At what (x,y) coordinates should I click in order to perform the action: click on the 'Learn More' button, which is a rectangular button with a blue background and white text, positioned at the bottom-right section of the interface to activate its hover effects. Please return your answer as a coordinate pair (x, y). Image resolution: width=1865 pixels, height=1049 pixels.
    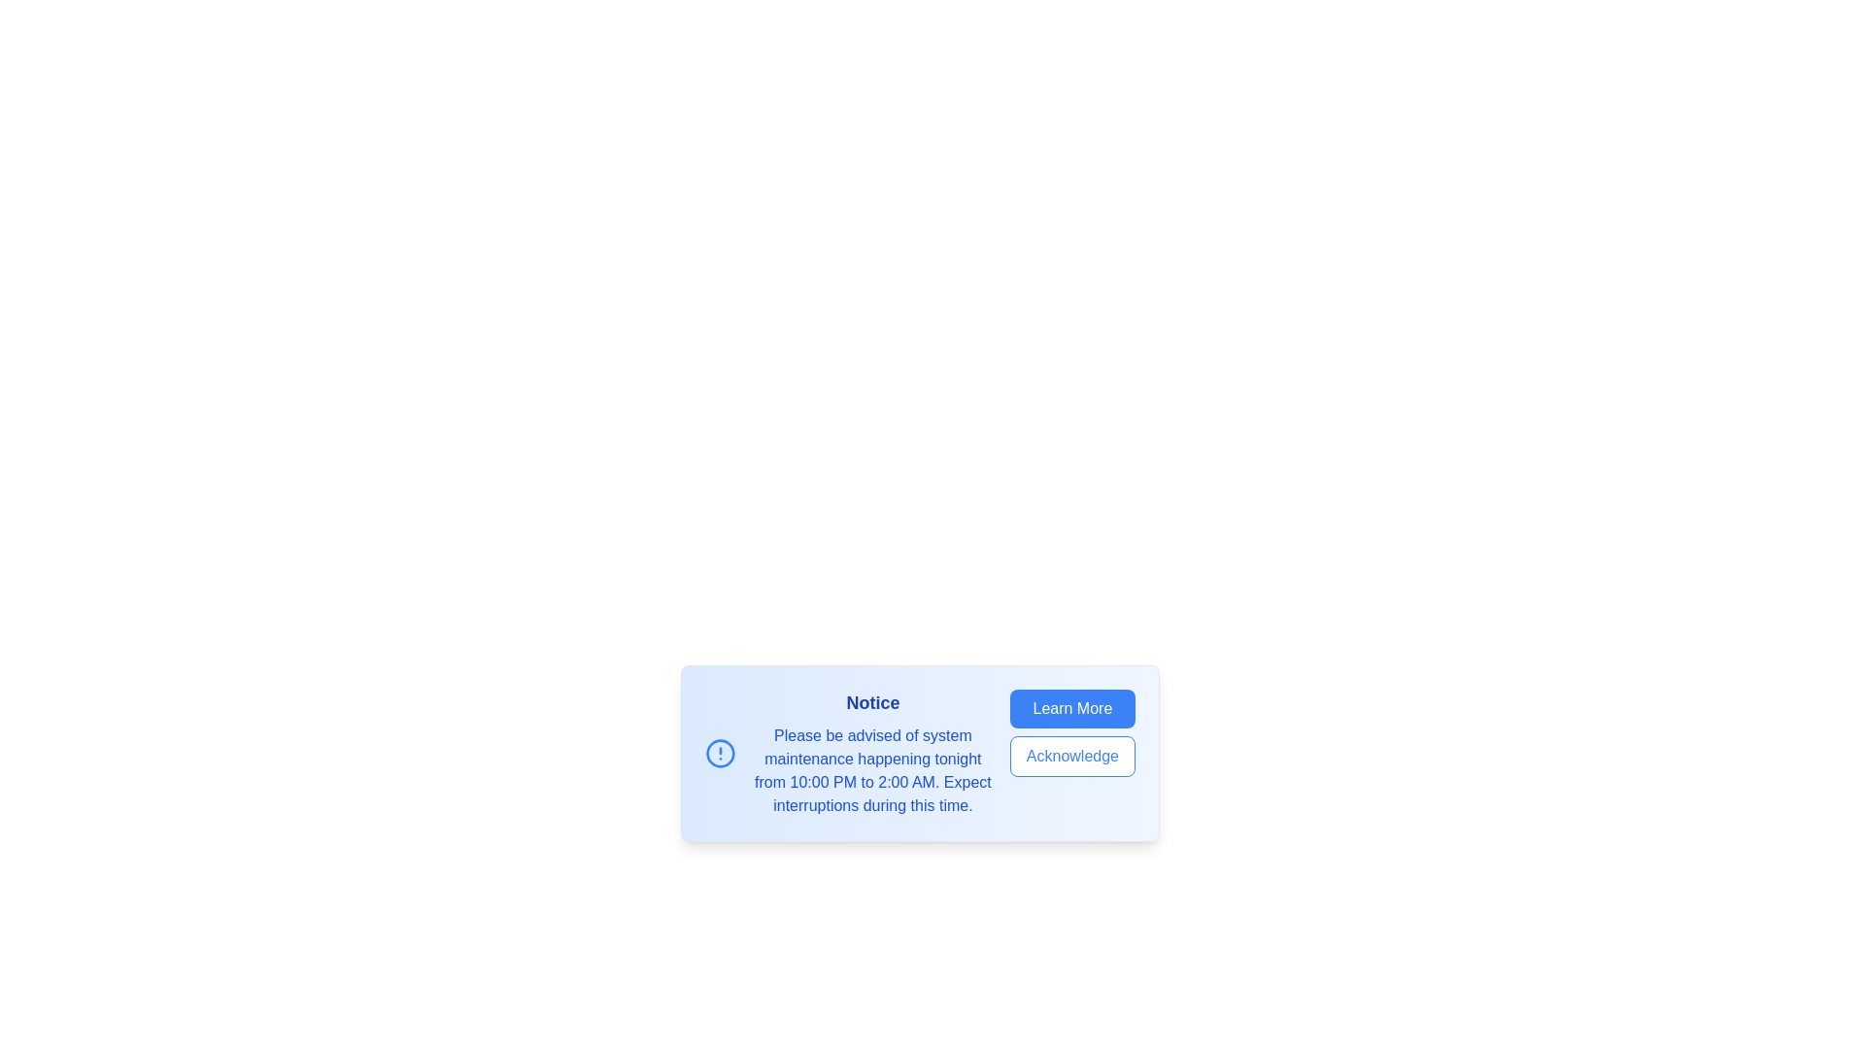
    Looking at the image, I should click on (1071, 708).